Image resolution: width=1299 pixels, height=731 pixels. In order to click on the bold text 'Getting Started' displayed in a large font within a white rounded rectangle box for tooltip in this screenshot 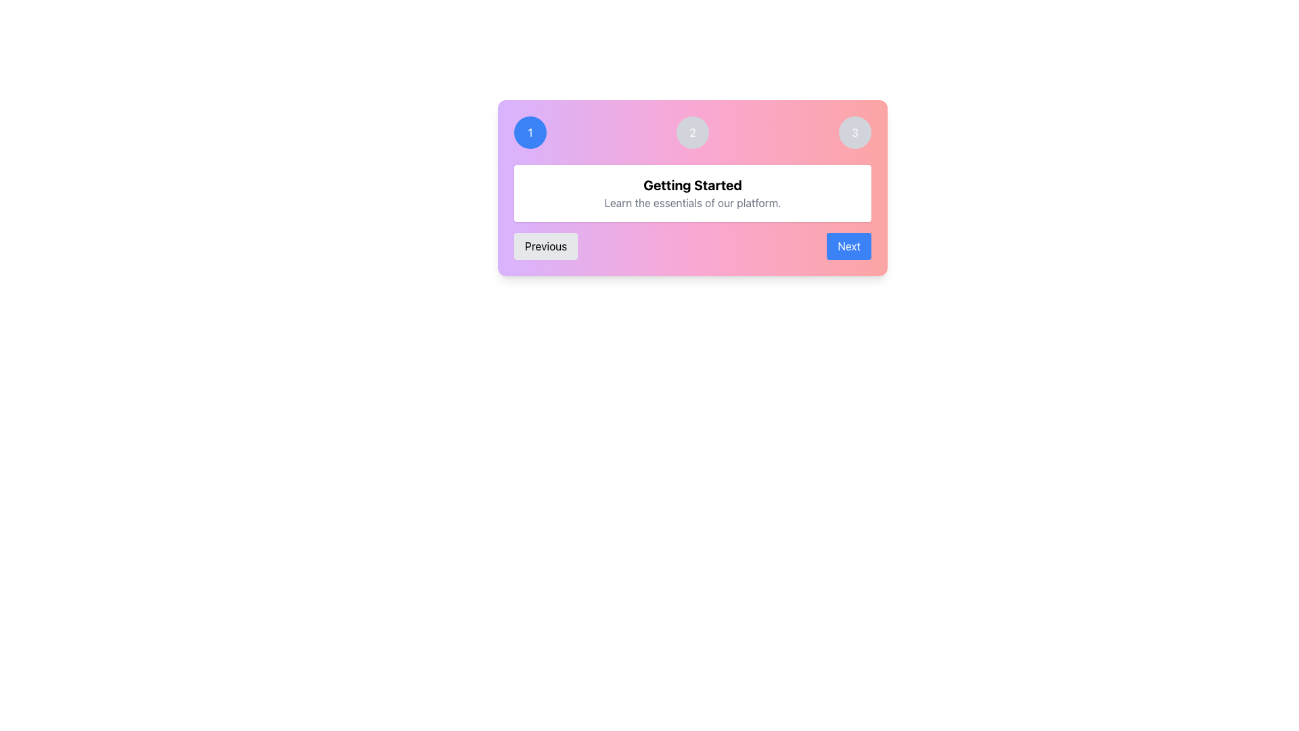, I will do `click(692, 185)`.